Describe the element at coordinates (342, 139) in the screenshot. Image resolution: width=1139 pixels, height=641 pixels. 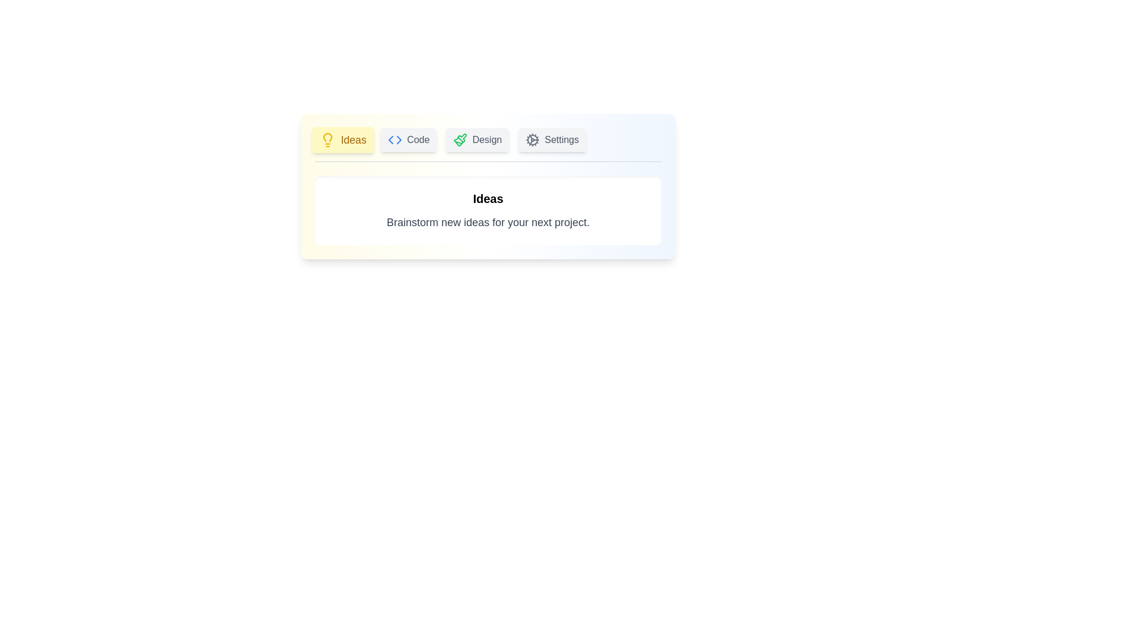
I see `the Ideas tab` at that location.